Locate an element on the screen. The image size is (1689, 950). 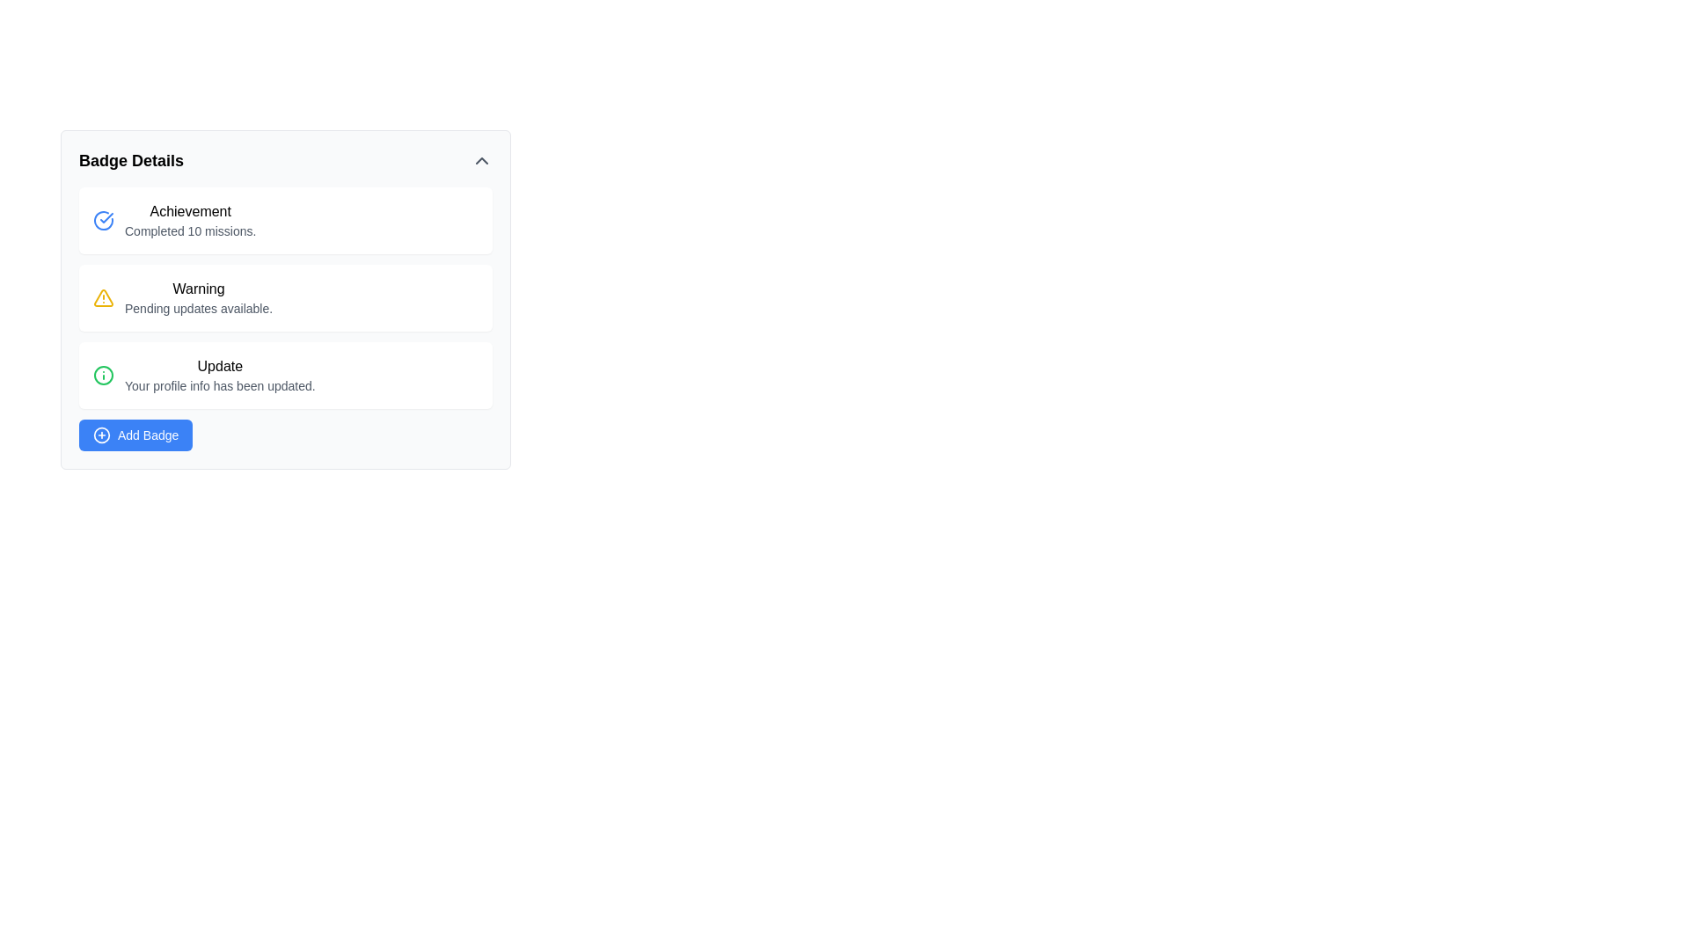
the triangular warning icon filled with yellow and outlined in black, featuring a bold exclamation mark at its center, which is located in the 'Warning' row of the badge details panel is located at coordinates (103, 297).